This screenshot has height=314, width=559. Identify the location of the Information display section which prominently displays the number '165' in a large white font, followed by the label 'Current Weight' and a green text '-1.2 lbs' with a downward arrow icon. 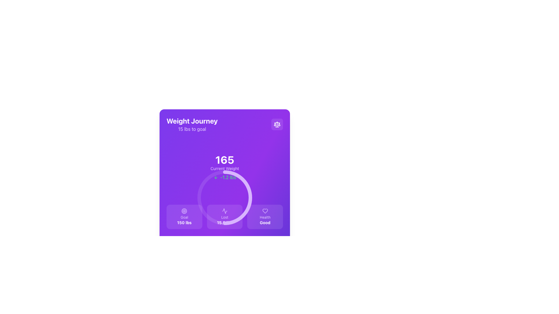
(224, 167).